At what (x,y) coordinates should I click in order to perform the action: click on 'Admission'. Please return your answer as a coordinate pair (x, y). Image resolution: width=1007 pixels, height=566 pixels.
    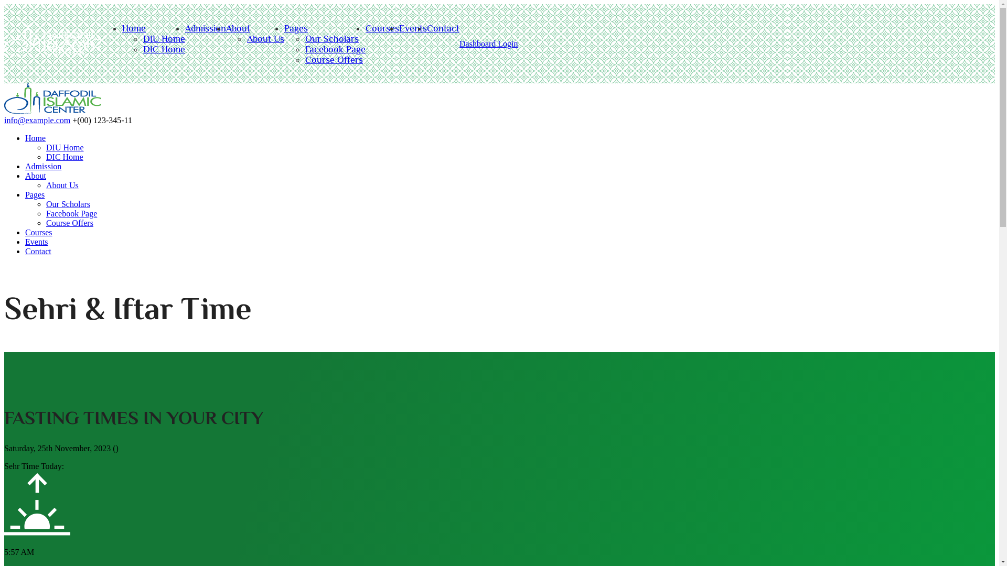
    Looking at the image, I should click on (206, 28).